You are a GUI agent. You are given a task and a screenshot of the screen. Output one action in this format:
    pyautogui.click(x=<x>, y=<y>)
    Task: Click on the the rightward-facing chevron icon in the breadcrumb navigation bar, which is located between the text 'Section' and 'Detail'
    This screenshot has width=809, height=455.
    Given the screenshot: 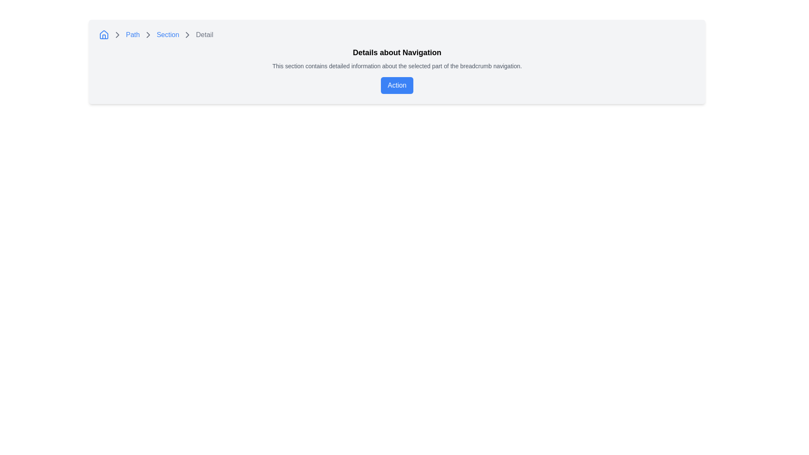 What is the action you would take?
    pyautogui.click(x=187, y=35)
    